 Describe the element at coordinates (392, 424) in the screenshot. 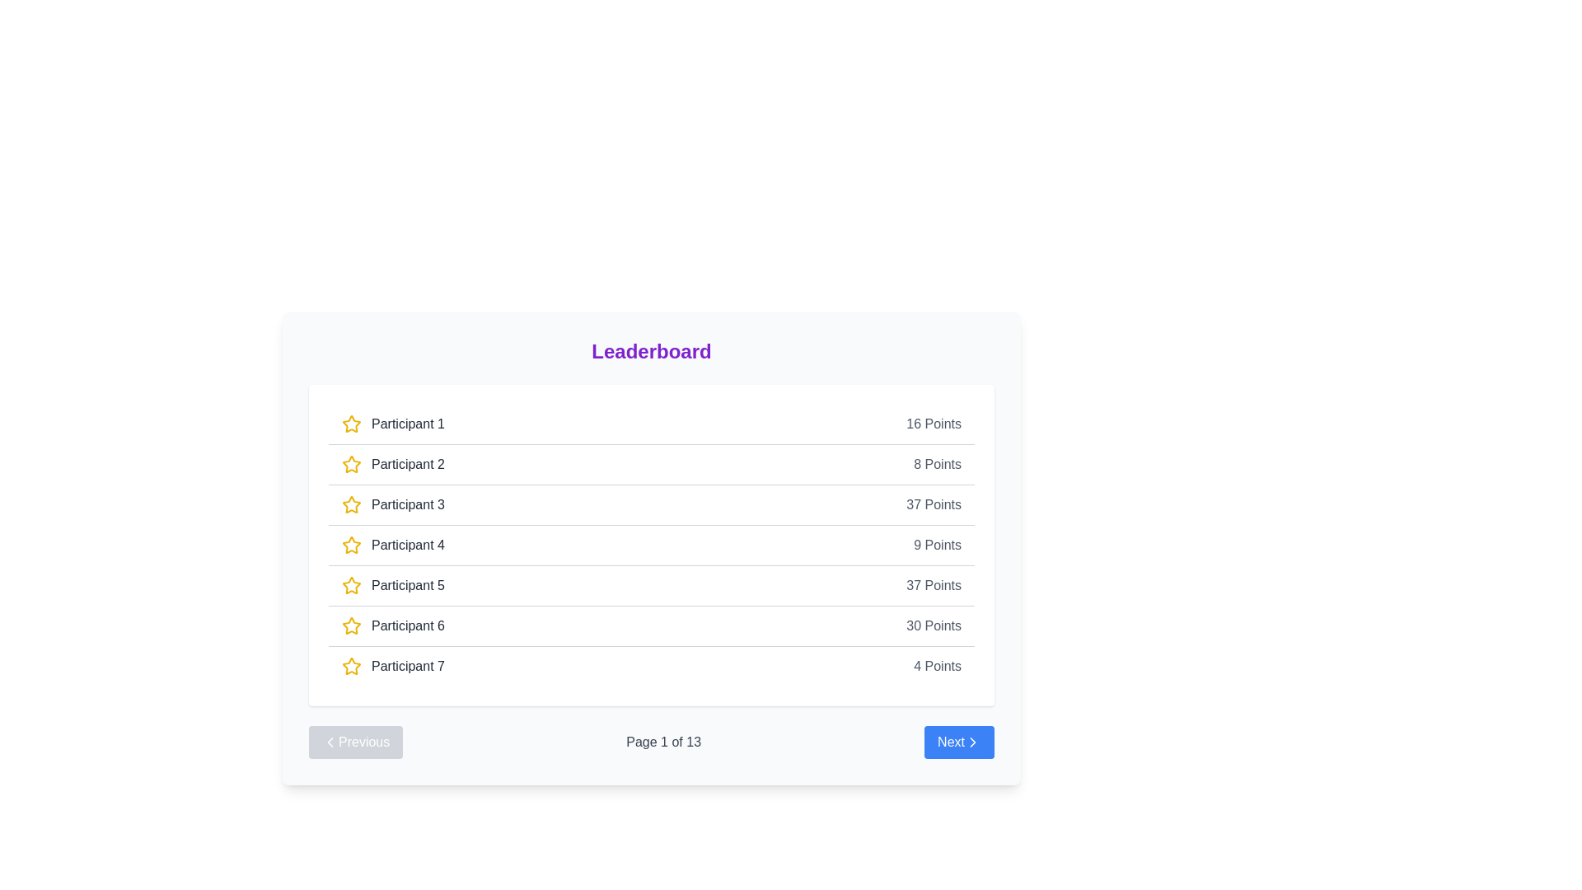

I see `participant's name, which is the text label 'Participant 1' located in the first row of the leaderboard interface, accompanied by a yellow star icon to its left` at that location.